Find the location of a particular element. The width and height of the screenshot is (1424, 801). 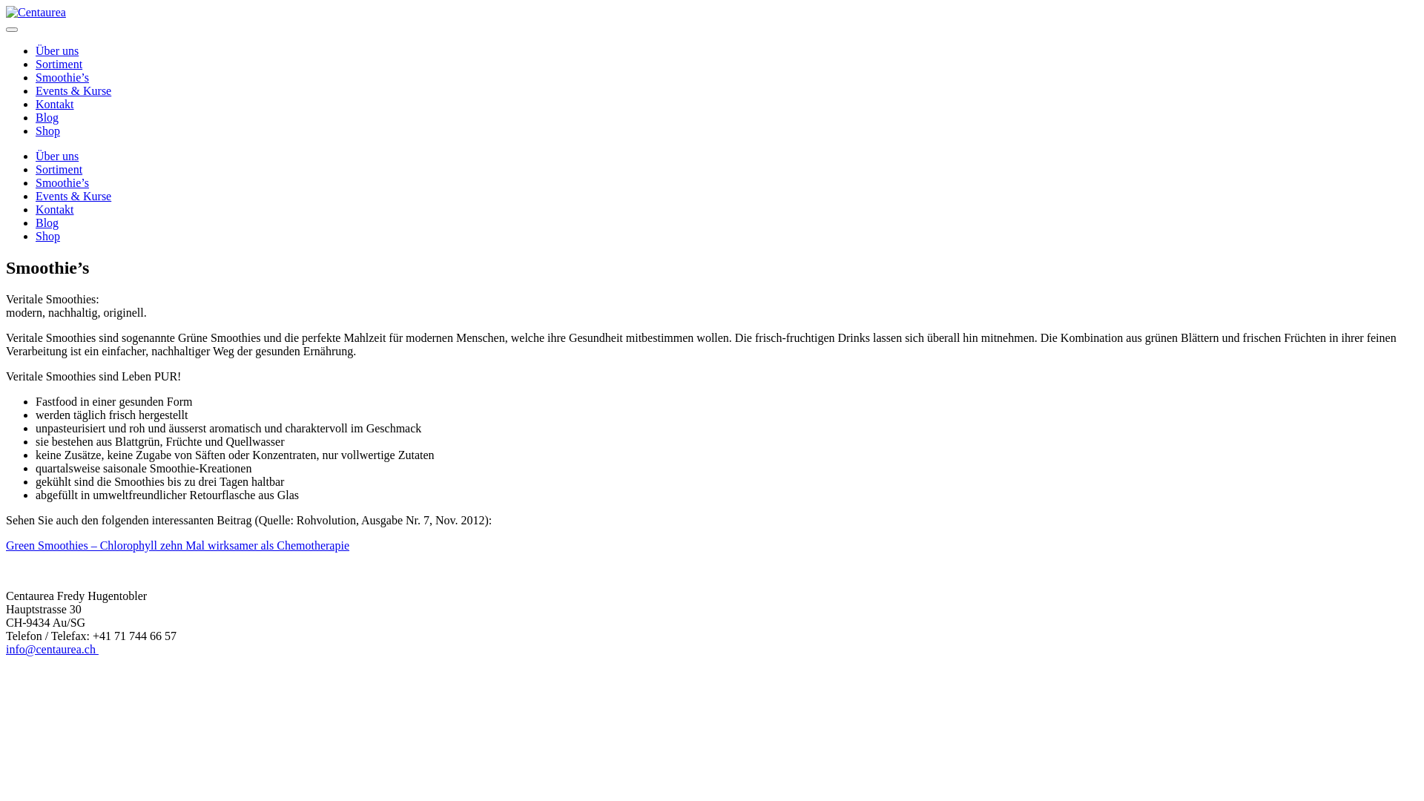

'Events & Kurse' is located at coordinates (36, 195).